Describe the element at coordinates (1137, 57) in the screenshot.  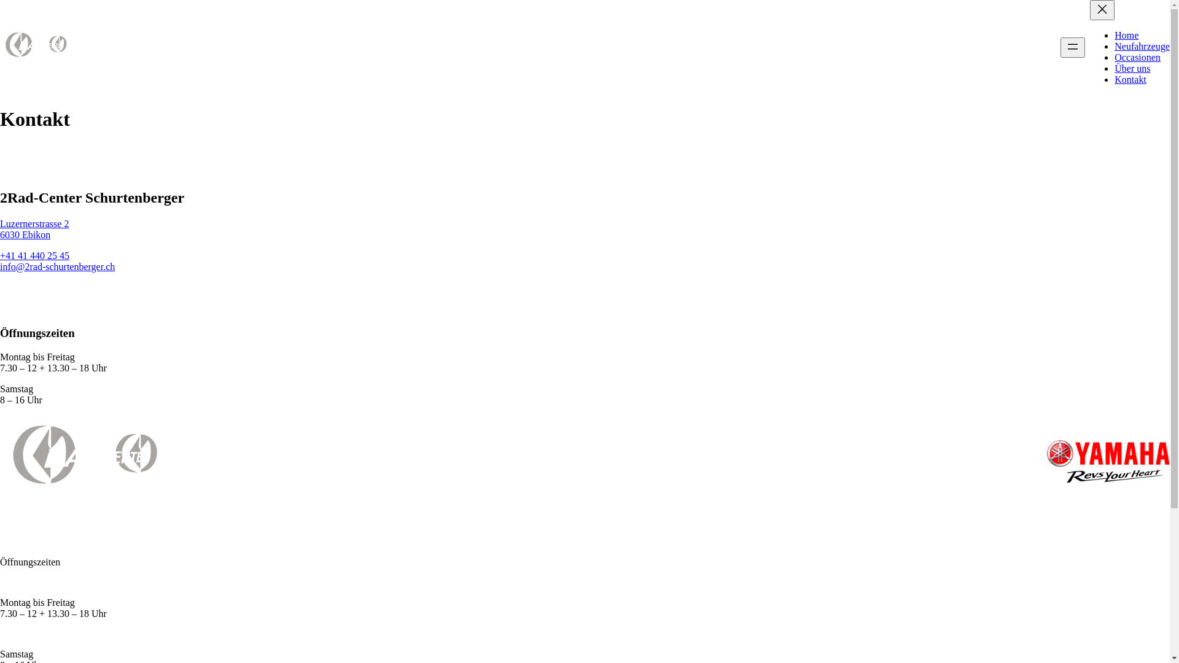
I see `'Occasionen'` at that location.